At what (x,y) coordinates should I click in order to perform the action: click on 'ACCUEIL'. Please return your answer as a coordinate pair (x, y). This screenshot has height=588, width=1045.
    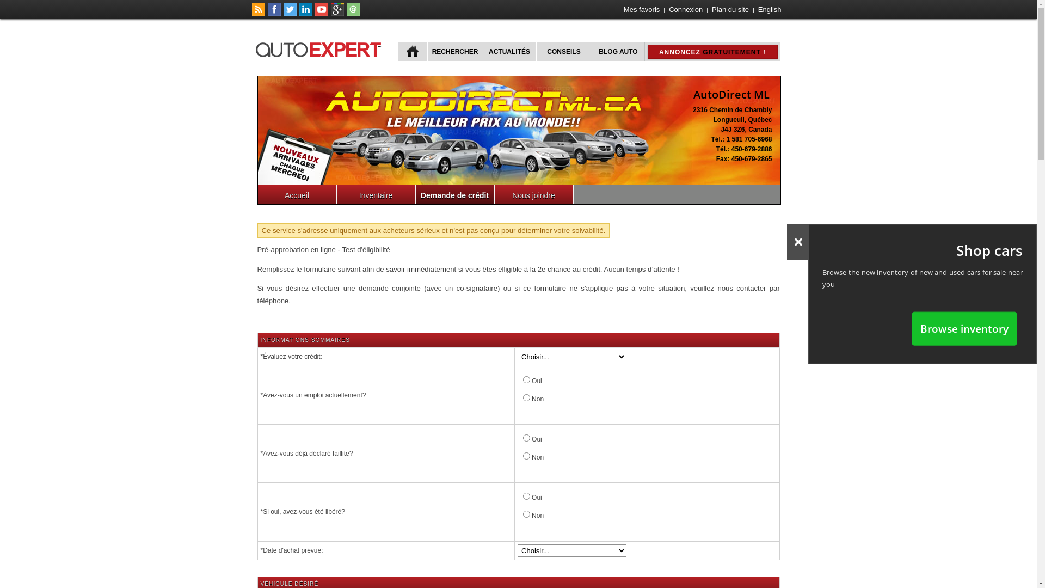
    Looking at the image, I should click on (397, 51).